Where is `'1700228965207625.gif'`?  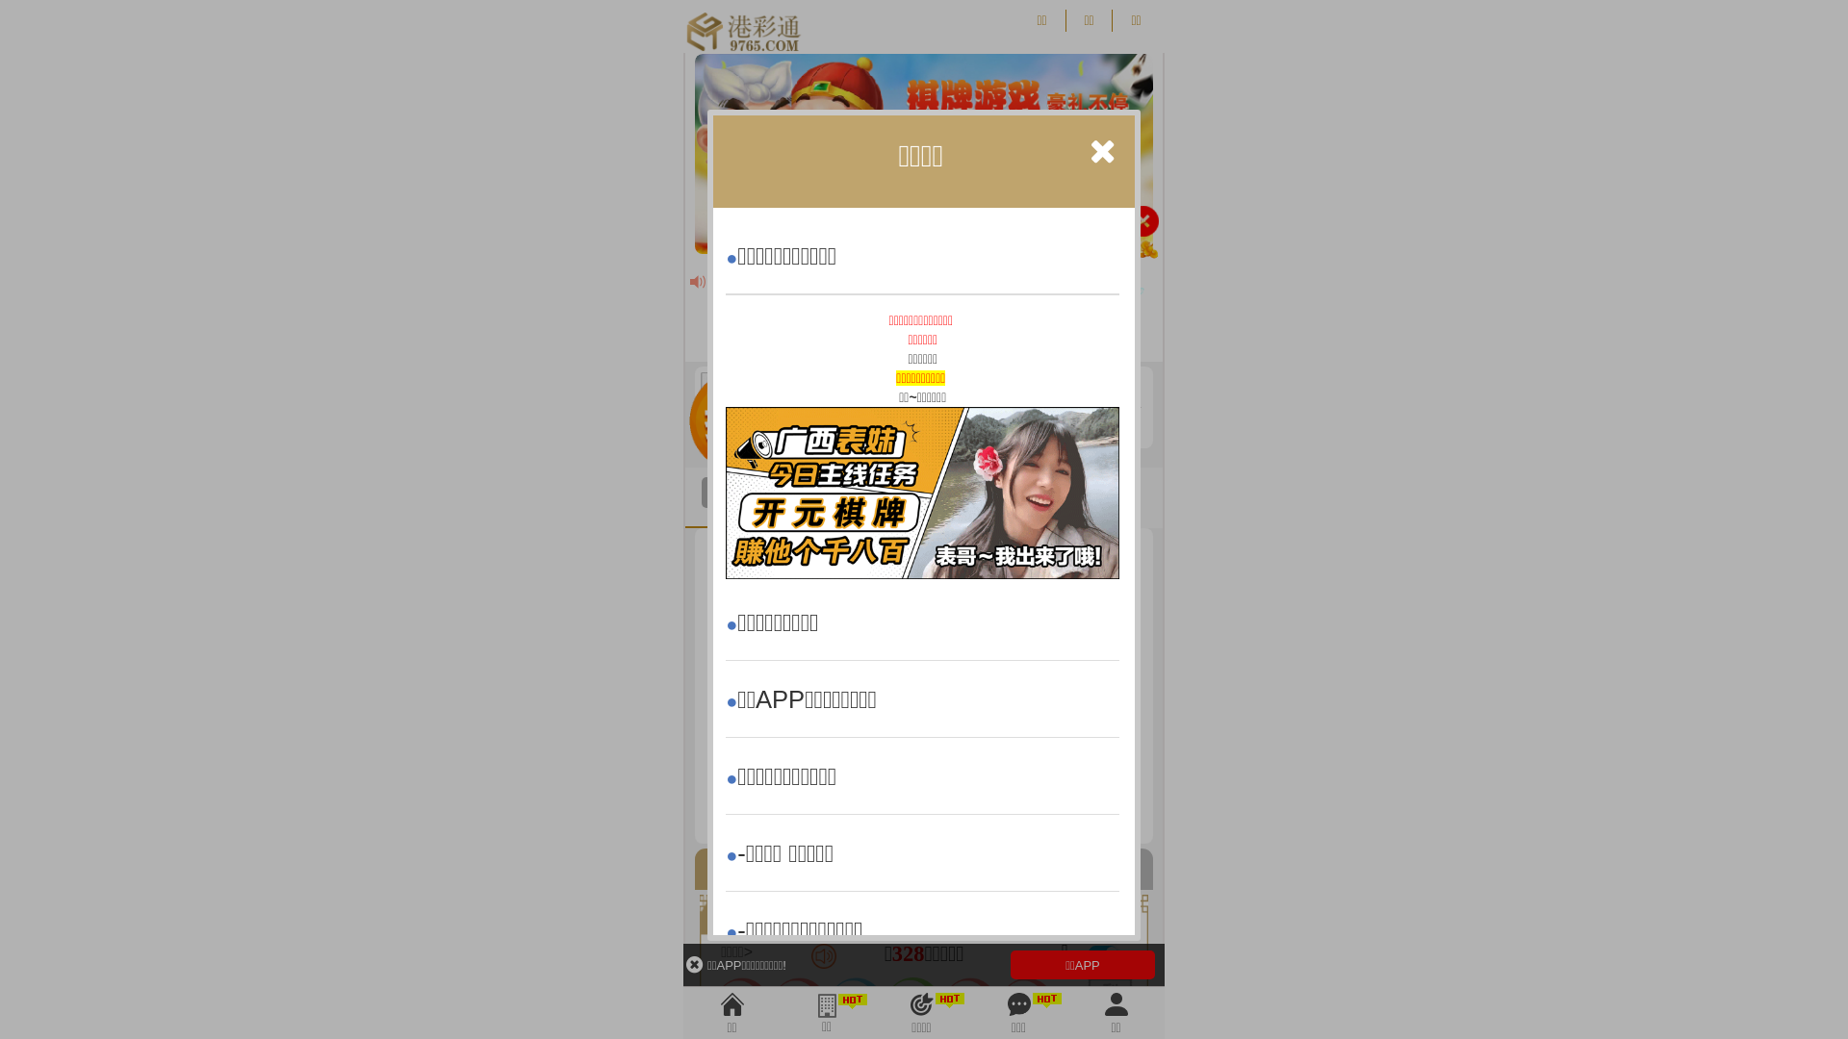
'1700228965207625.gif' is located at coordinates (921, 492).